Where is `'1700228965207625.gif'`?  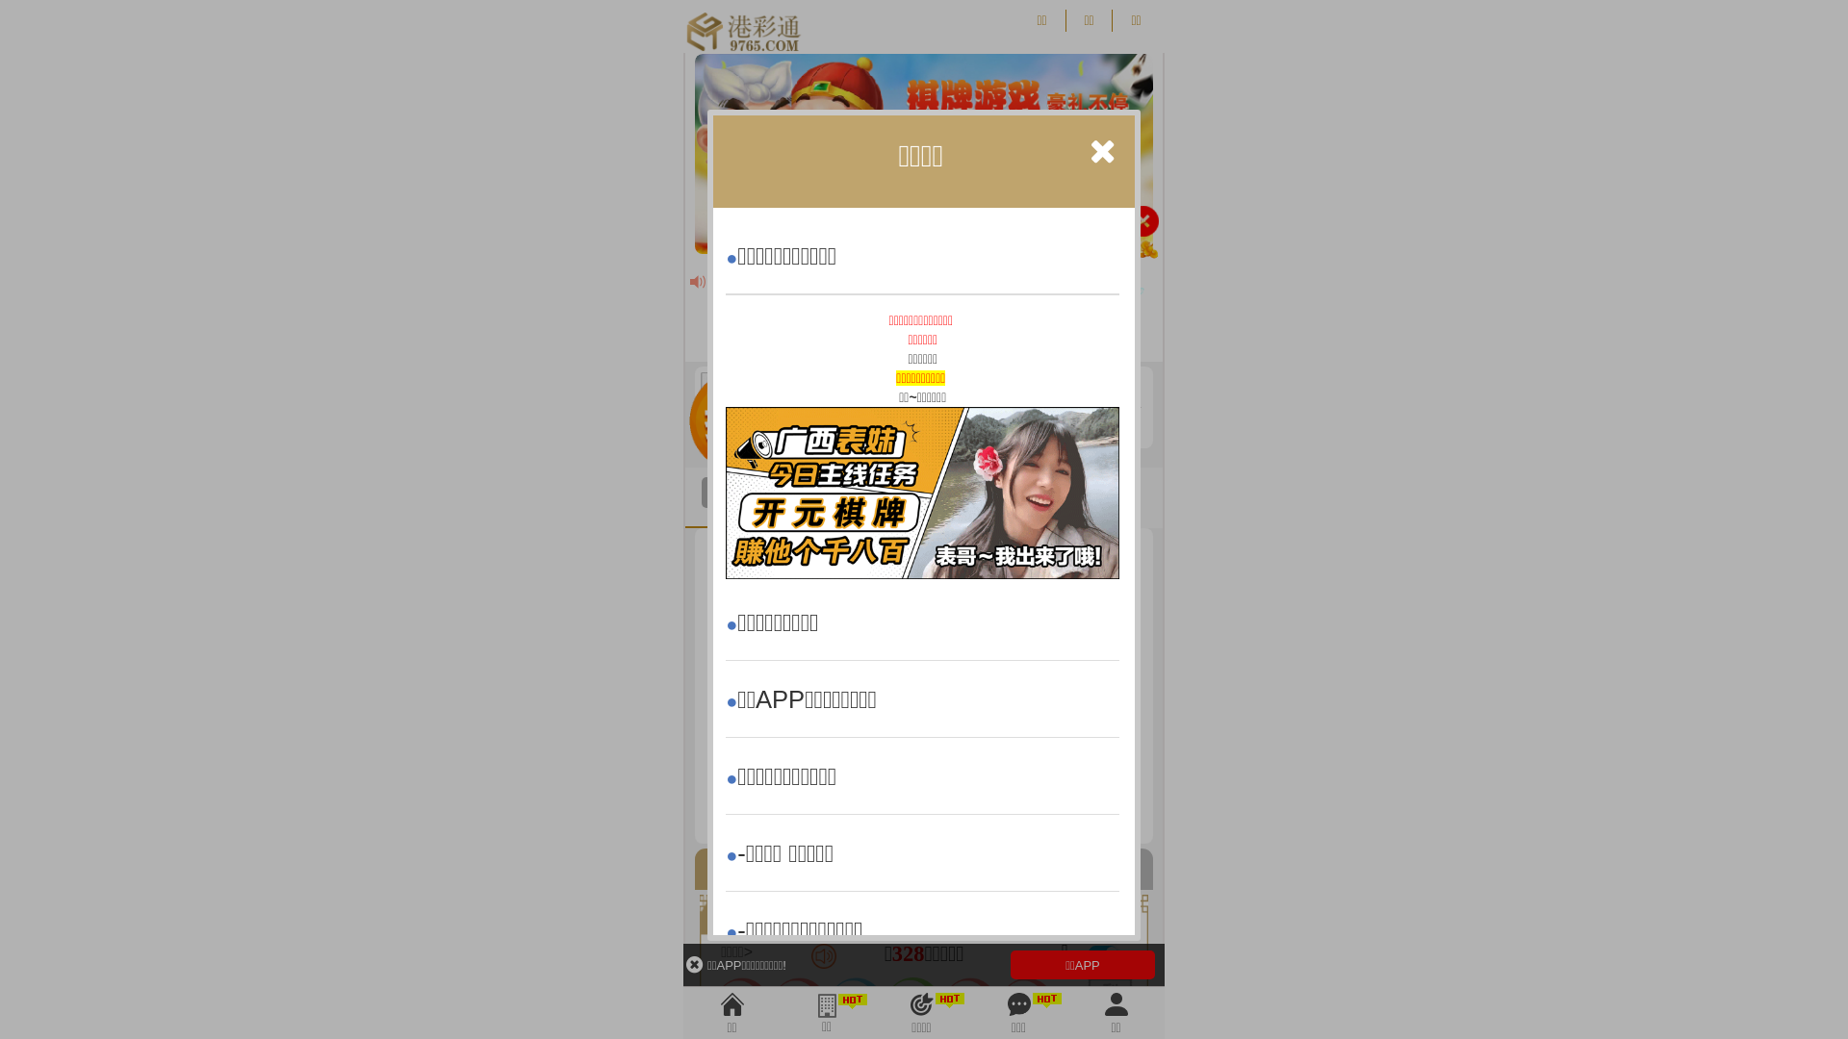
'1700228965207625.gif' is located at coordinates (921, 492).